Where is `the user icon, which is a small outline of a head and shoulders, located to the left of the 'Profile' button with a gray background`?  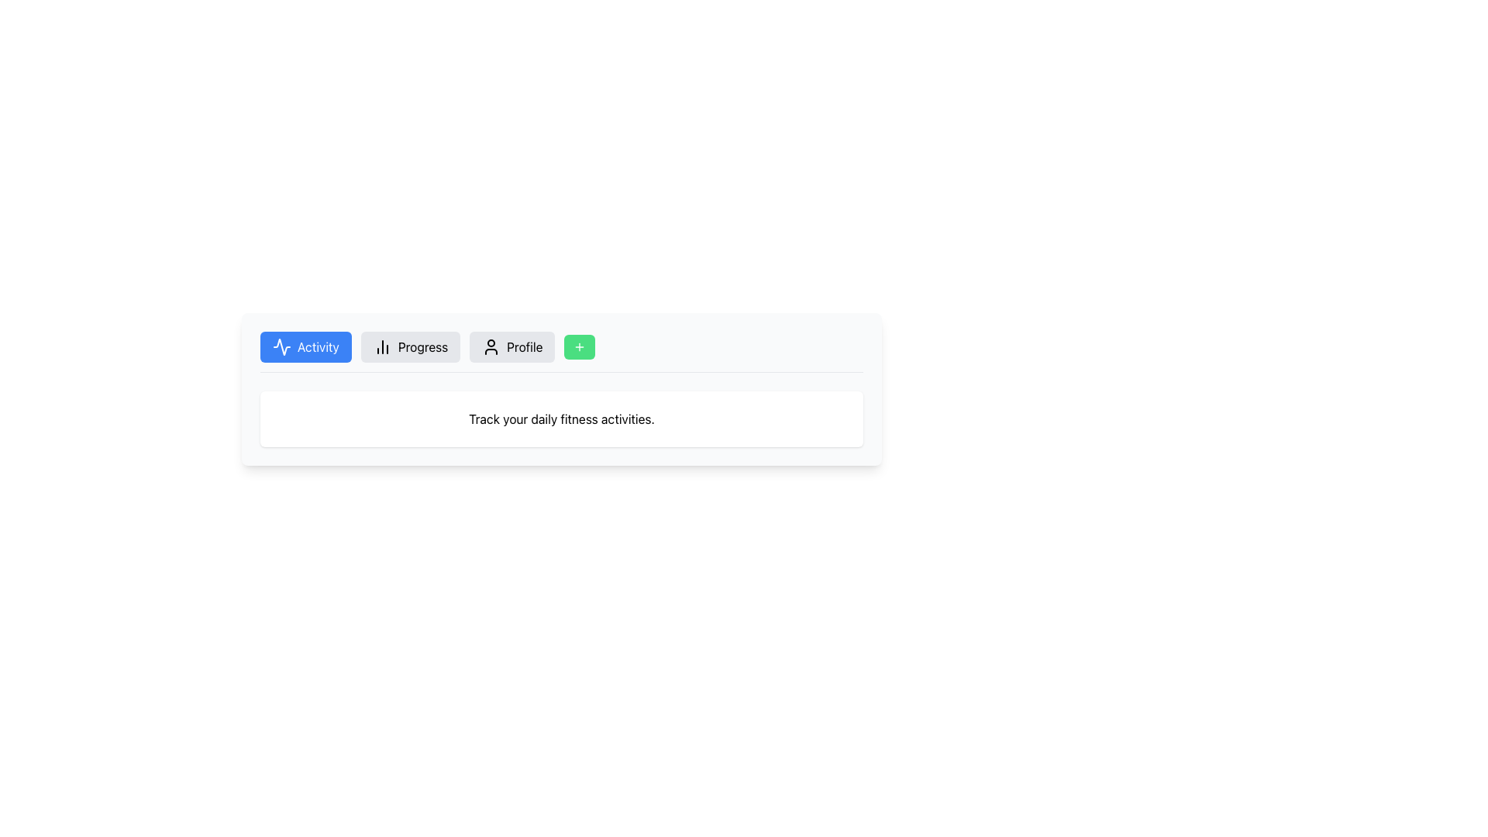 the user icon, which is a small outline of a head and shoulders, located to the left of the 'Profile' button with a gray background is located at coordinates (491, 346).